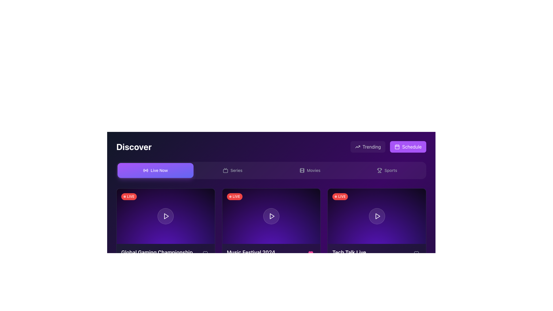 The image size is (553, 311). Describe the element at coordinates (387, 170) in the screenshot. I see `the sports navigation button, which is the fourth button in a horizontal row` at that location.